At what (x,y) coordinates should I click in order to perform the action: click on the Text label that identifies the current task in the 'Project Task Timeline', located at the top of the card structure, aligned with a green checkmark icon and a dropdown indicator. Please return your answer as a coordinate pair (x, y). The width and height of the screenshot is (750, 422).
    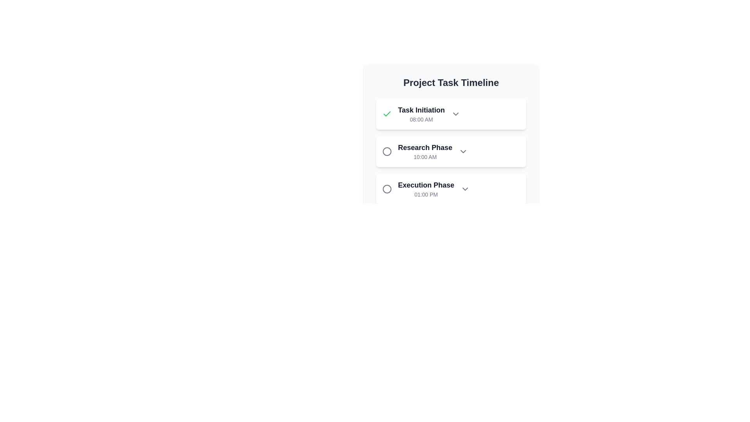
    Looking at the image, I should click on (421, 110).